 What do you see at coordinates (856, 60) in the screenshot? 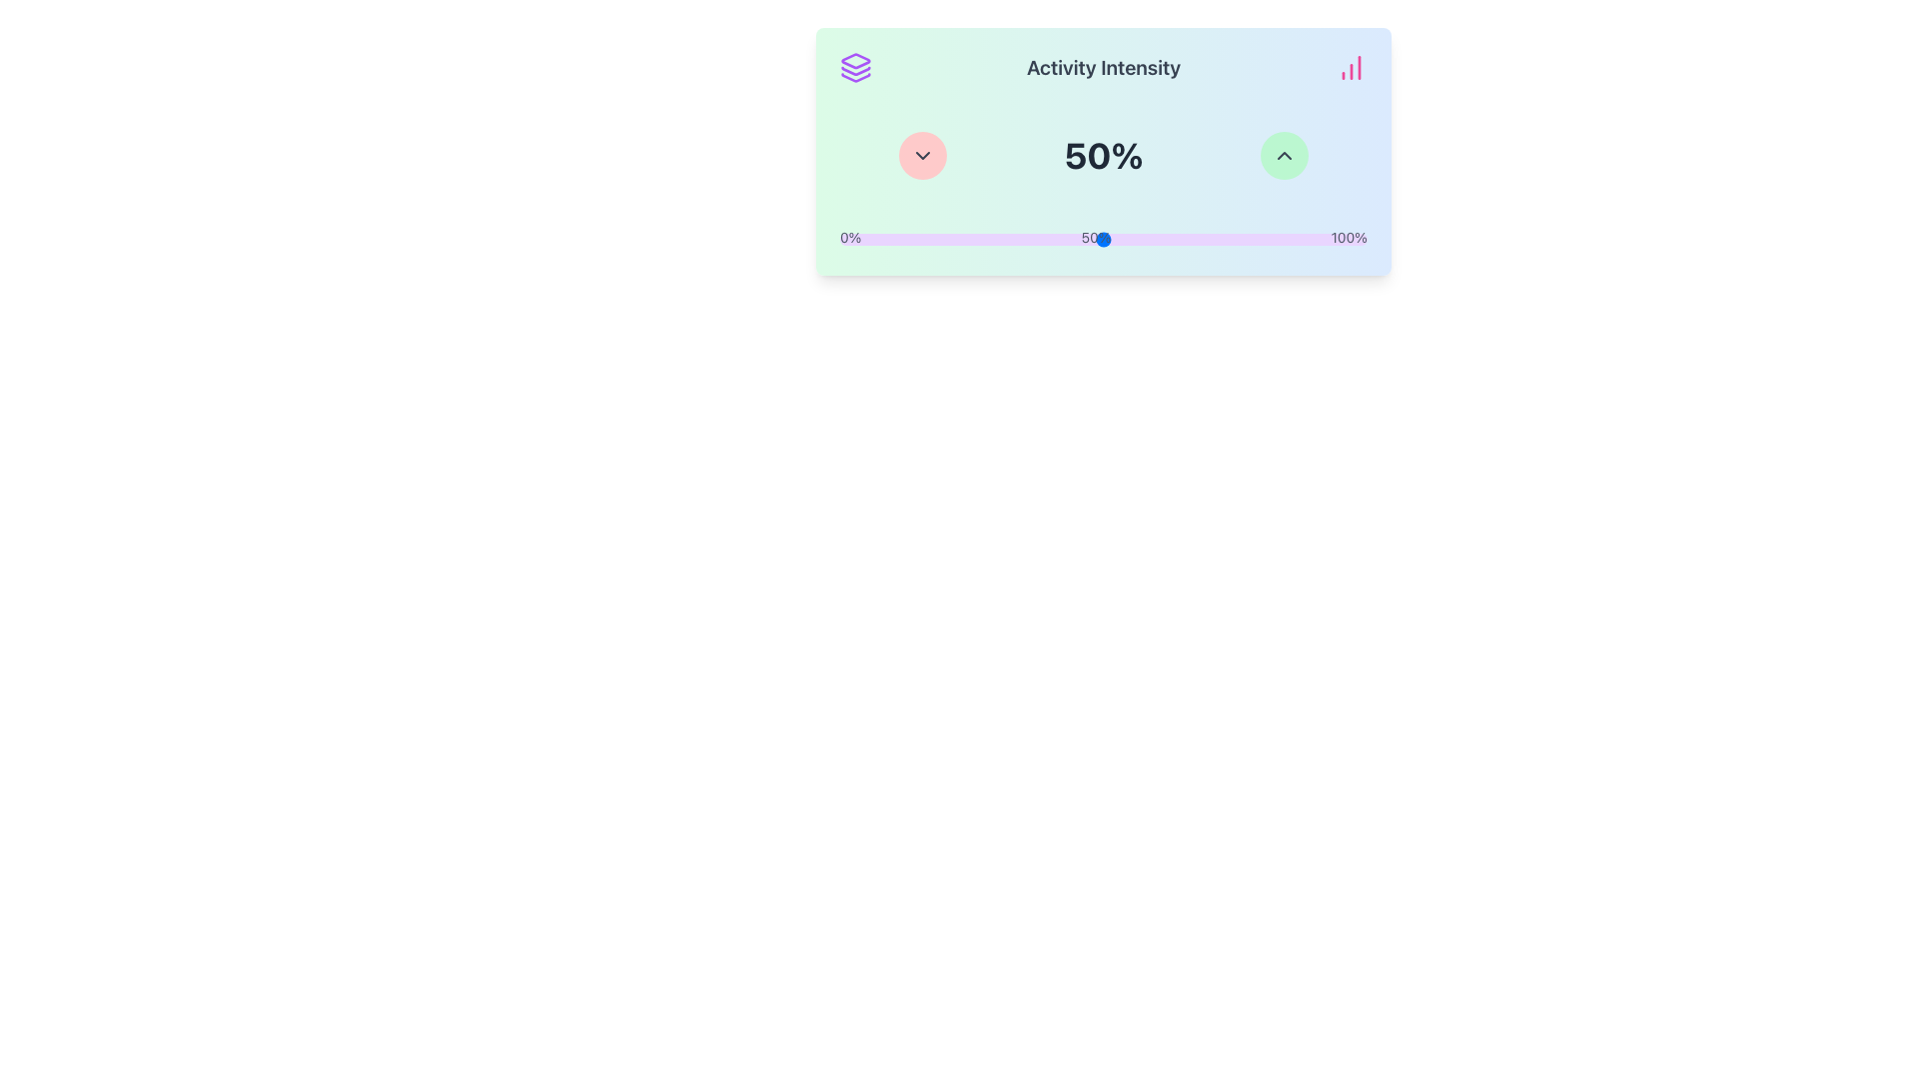
I see `the purple vector shape that forms a diamond-like design, located in the top-left corner of the card interface next to the 'Activity Intensity' text` at bounding box center [856, 60].